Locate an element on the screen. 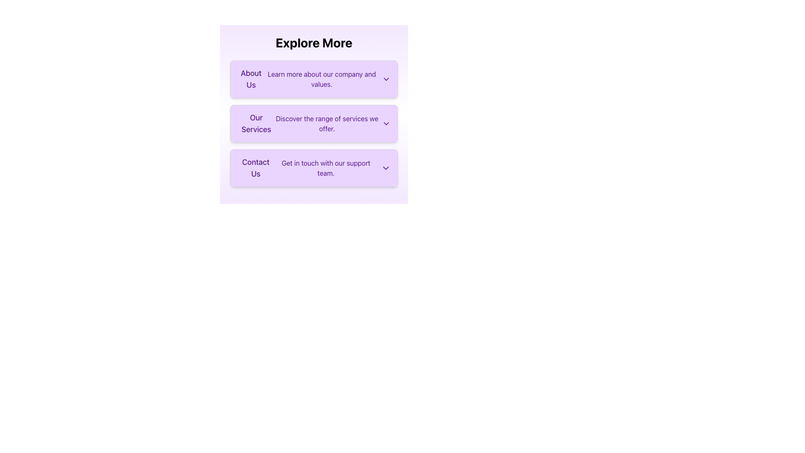 This screenshot has height=453, width=805. the 'Contact Us' informative panel, which is the third item in the vertically stacked group below the 'Explore More' title is located at coordinates (313, 168).